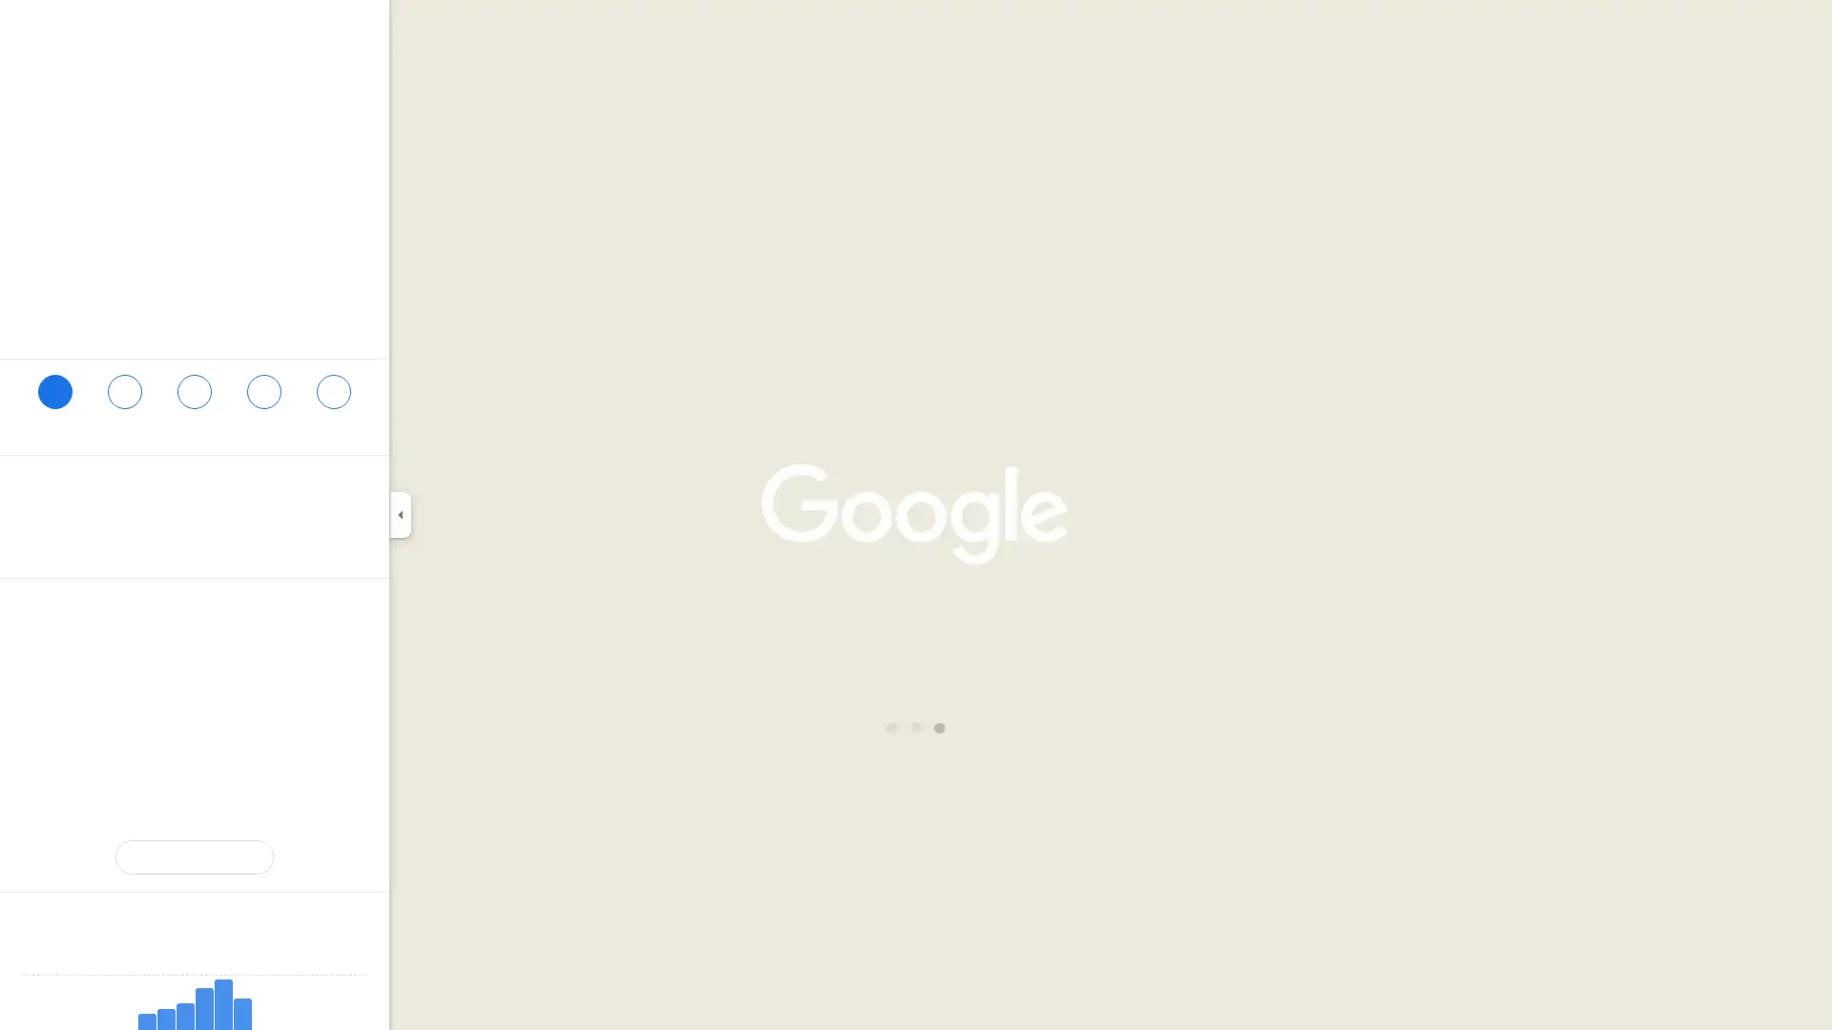  What do you see at coordinates (357, 593) in the screenshot?
I see `Copy address` at bounding box center [357, 593].